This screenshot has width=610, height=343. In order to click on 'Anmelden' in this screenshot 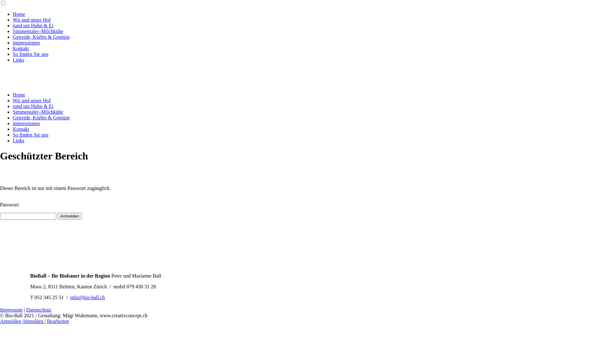, I will do `click(58, 216)`.